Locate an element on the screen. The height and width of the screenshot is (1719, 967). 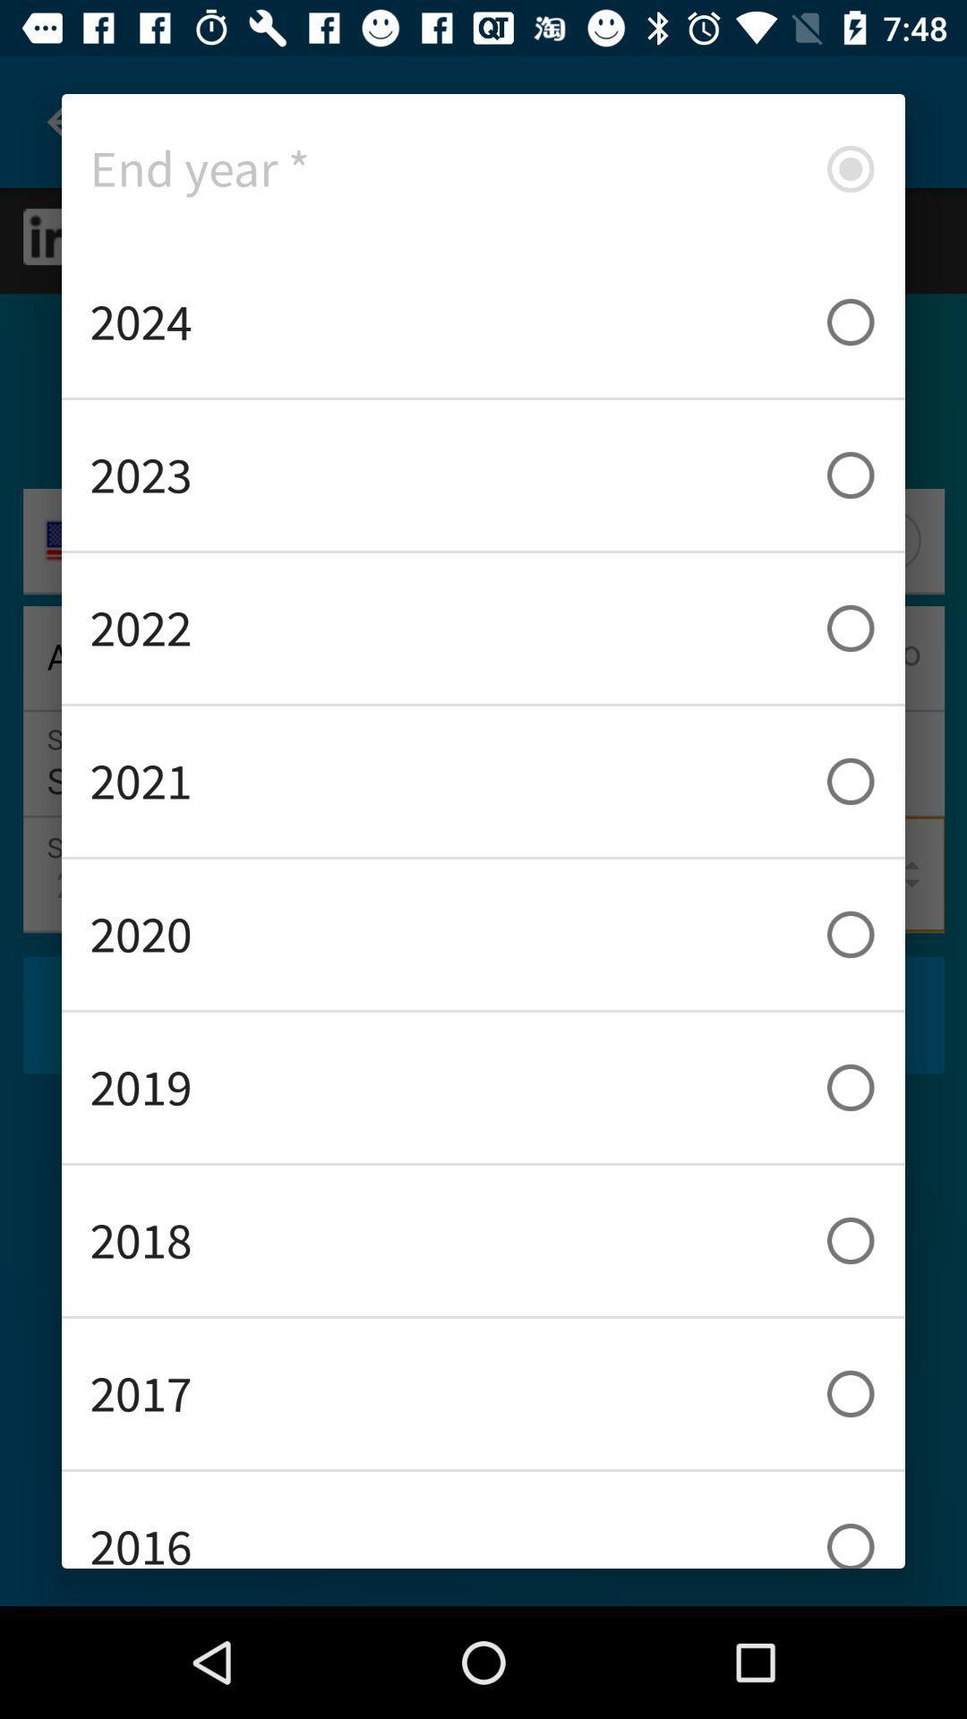
the 2019 item is located at coordinates (483, 1086).